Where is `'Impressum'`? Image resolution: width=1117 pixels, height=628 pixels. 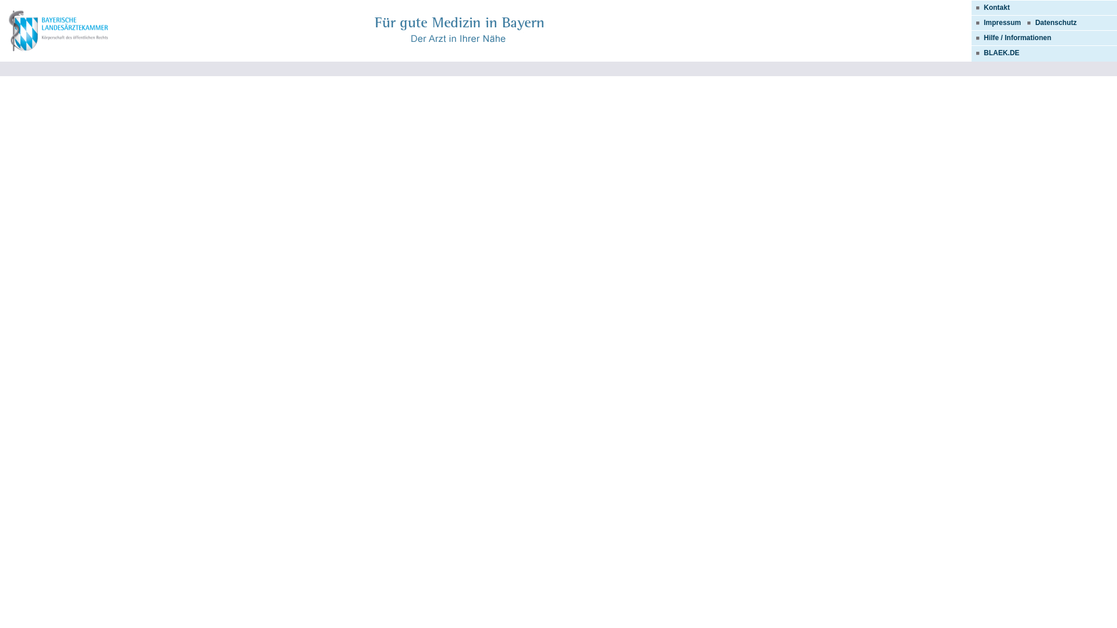
'Impressum' is located at coordinates (1002, 22).